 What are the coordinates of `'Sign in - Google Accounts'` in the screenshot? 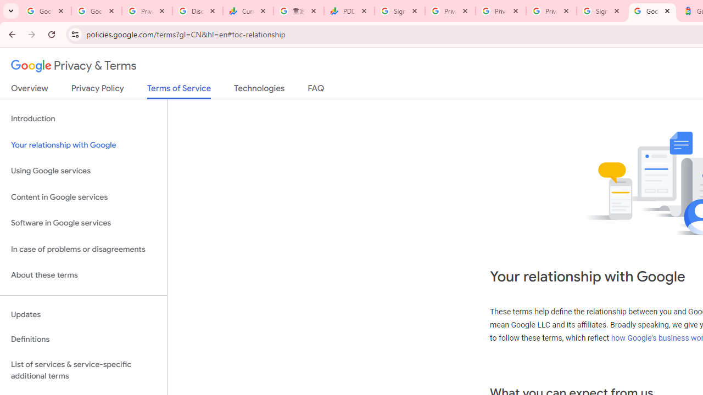 It's located at (601, 11).